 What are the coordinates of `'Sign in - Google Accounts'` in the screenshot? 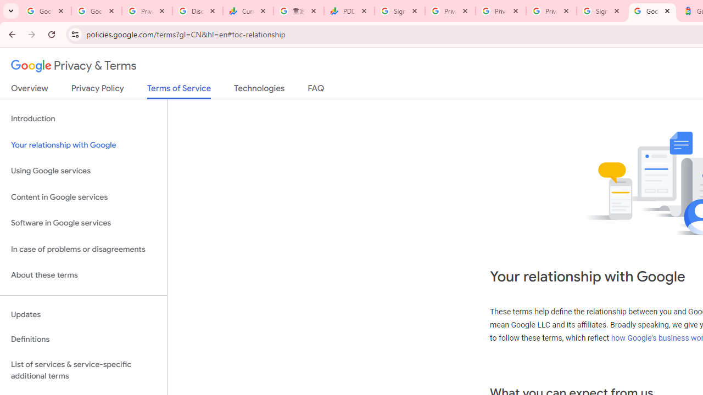 It's located at (601, 11).